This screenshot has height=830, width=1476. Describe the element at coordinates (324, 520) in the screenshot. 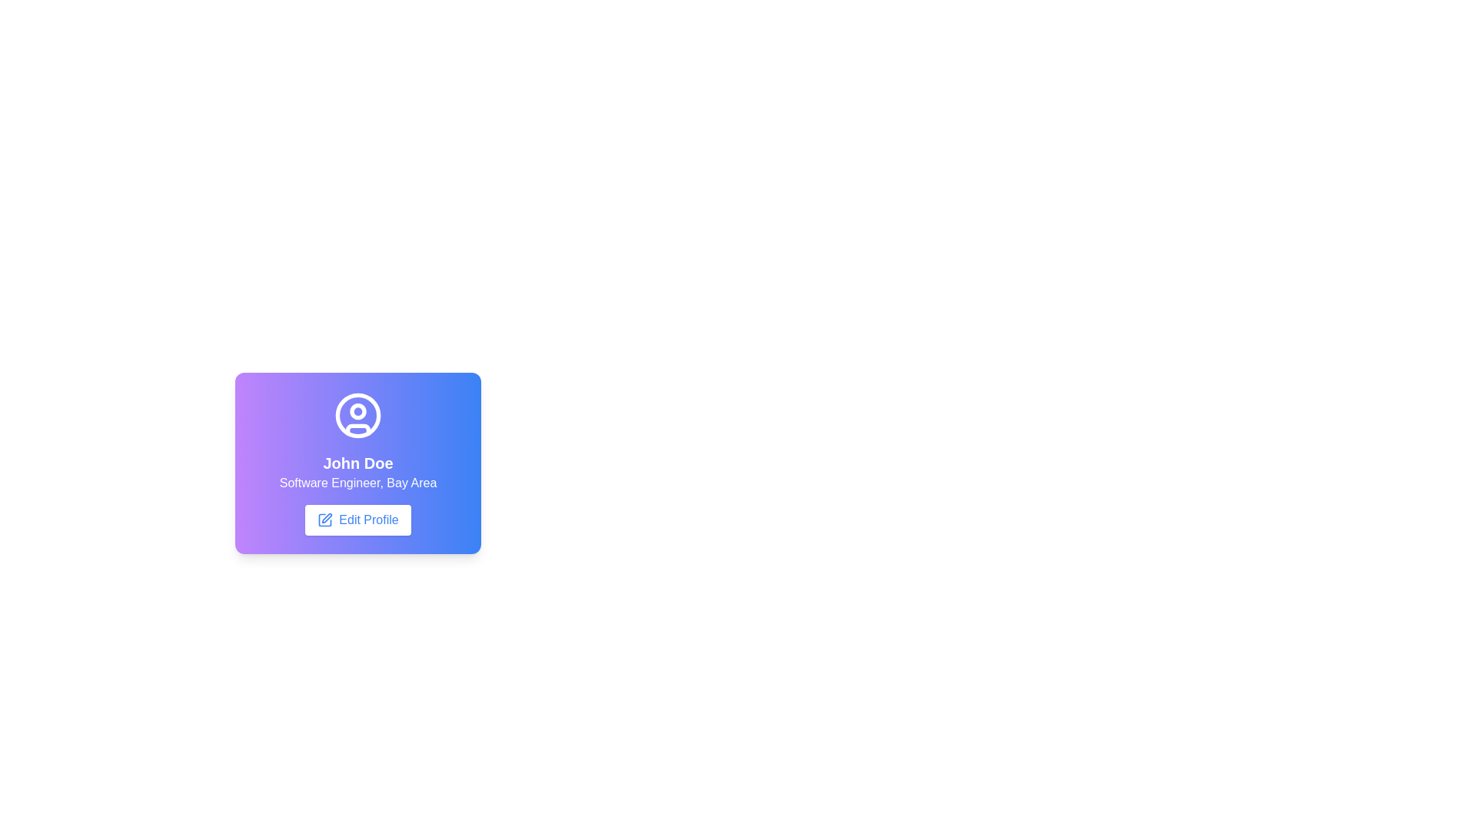

I see `the small square icon resembling a pencil located to the left of the text 'Edit Profile' in the lower section of the card element` at that location.